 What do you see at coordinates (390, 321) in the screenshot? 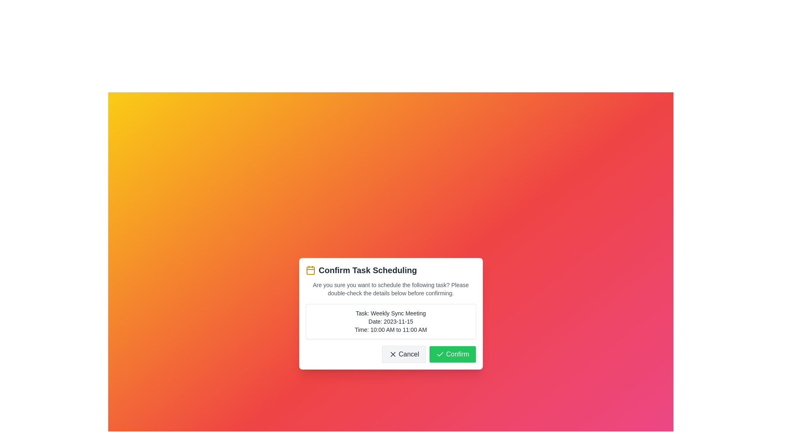
I see `the text label displaying 'Date: 2023-11-15', which is located in the middle section of the confirmation dialog, below the task title and above the time information` at bounding box center [390, 321].